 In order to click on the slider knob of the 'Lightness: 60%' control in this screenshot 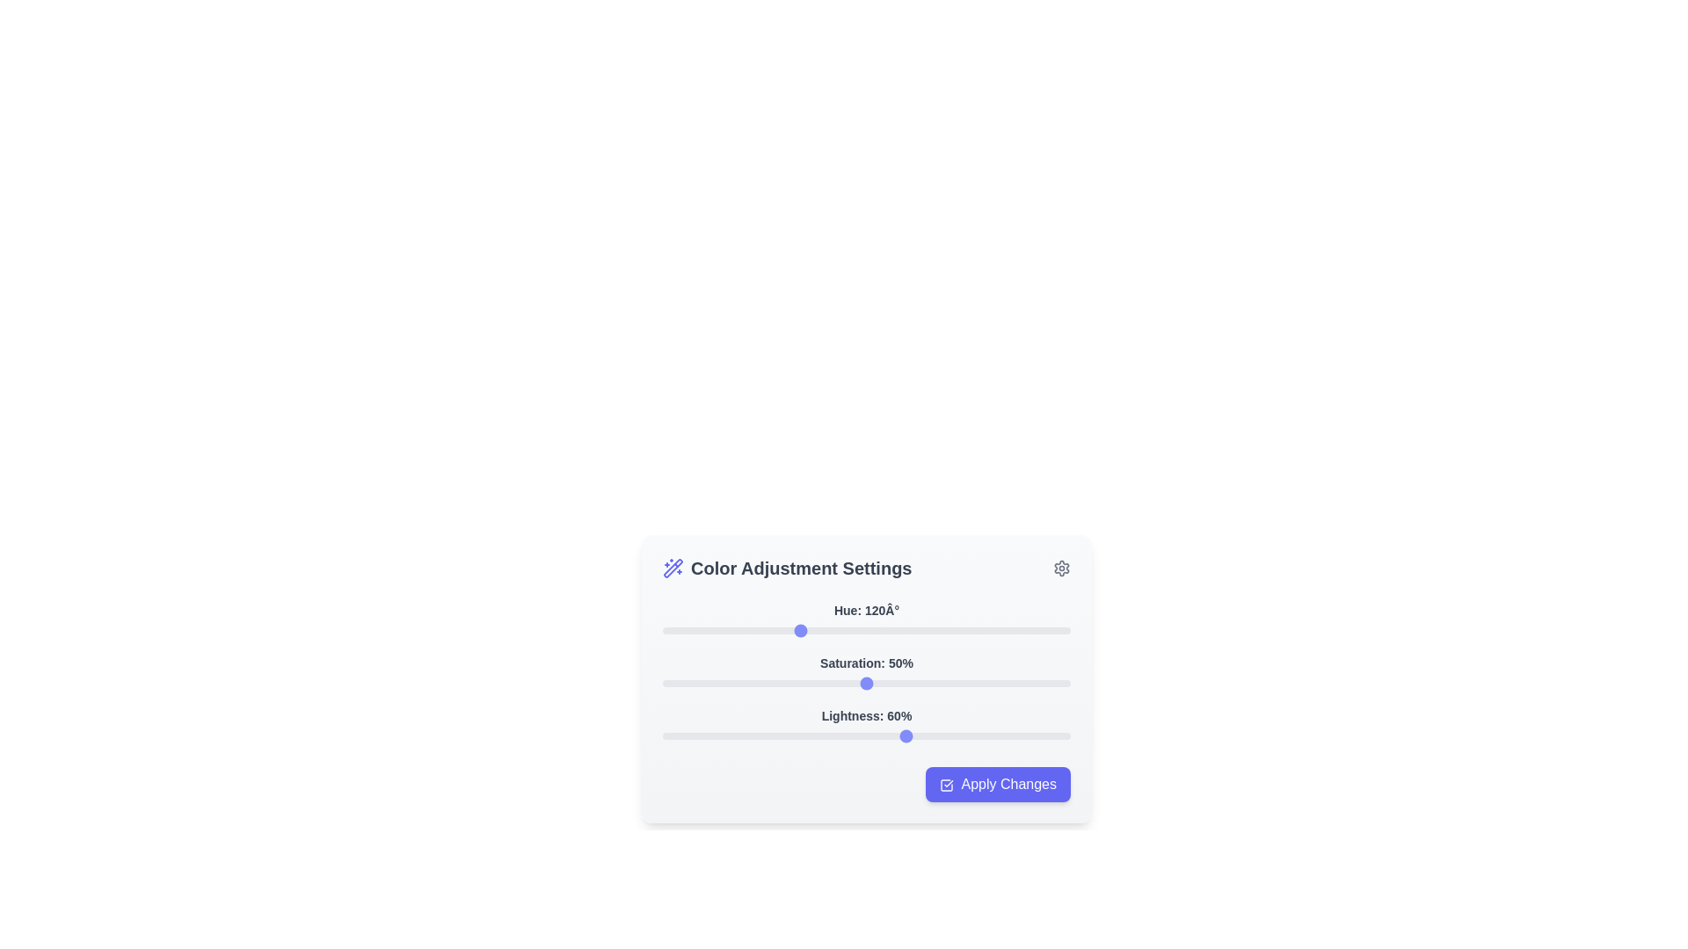, I will do `click(866, 726)`.